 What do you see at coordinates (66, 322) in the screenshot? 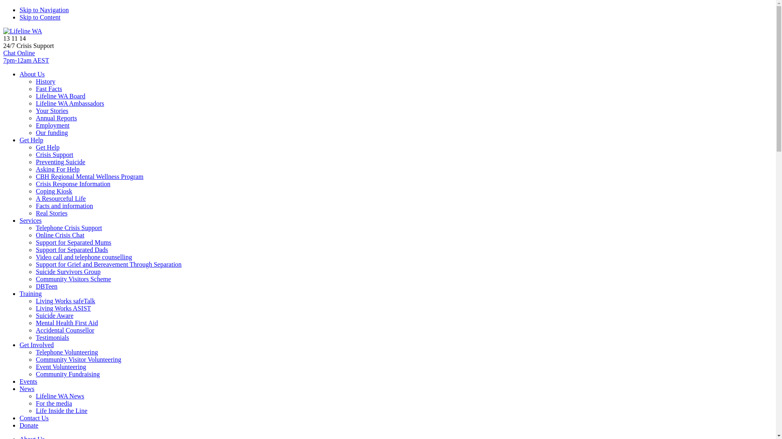
I see `'Mental Health First Aid'` at bounding box center [66, 322].